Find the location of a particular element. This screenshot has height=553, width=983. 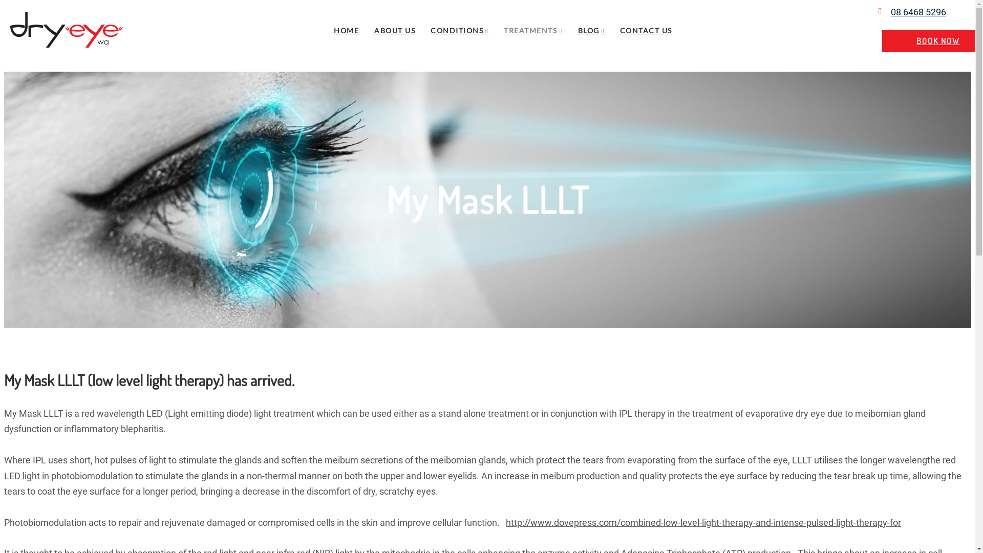

'ABOUT US' is located at coordinates (394, 30).